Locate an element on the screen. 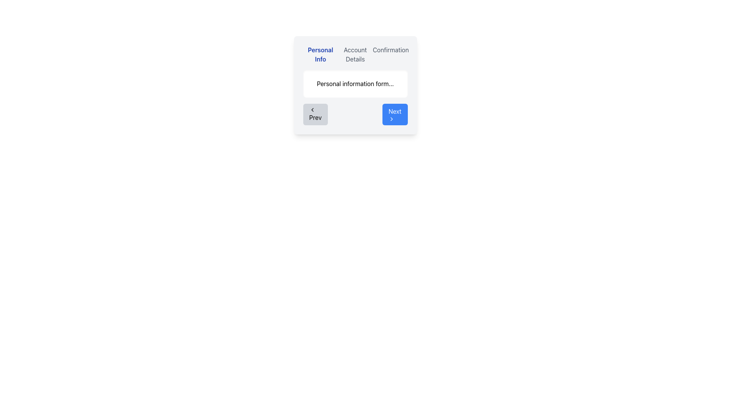 This screenshot has height=415, width=738. the right-facing chevron icon located within the 'Next' button, positioned to the right of the text label 'Next' is located at coordinates (391, 119).